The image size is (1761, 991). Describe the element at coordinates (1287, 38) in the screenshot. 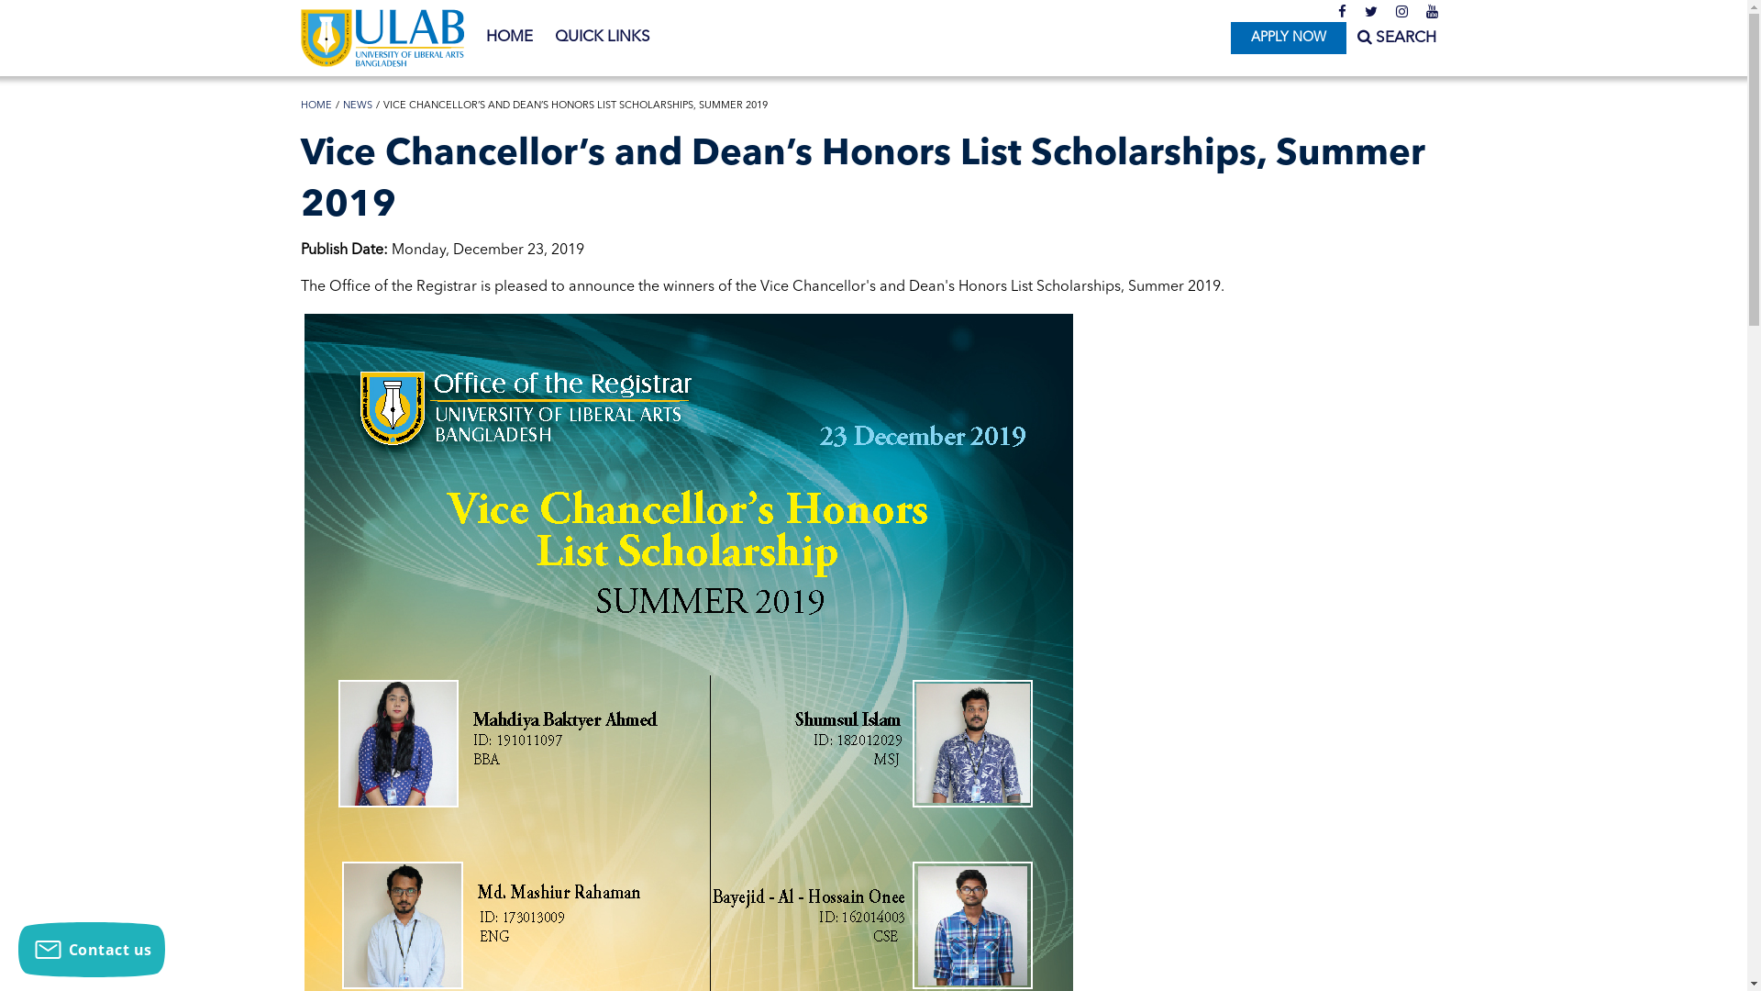

I see `'APPLY NOW'` at that location.